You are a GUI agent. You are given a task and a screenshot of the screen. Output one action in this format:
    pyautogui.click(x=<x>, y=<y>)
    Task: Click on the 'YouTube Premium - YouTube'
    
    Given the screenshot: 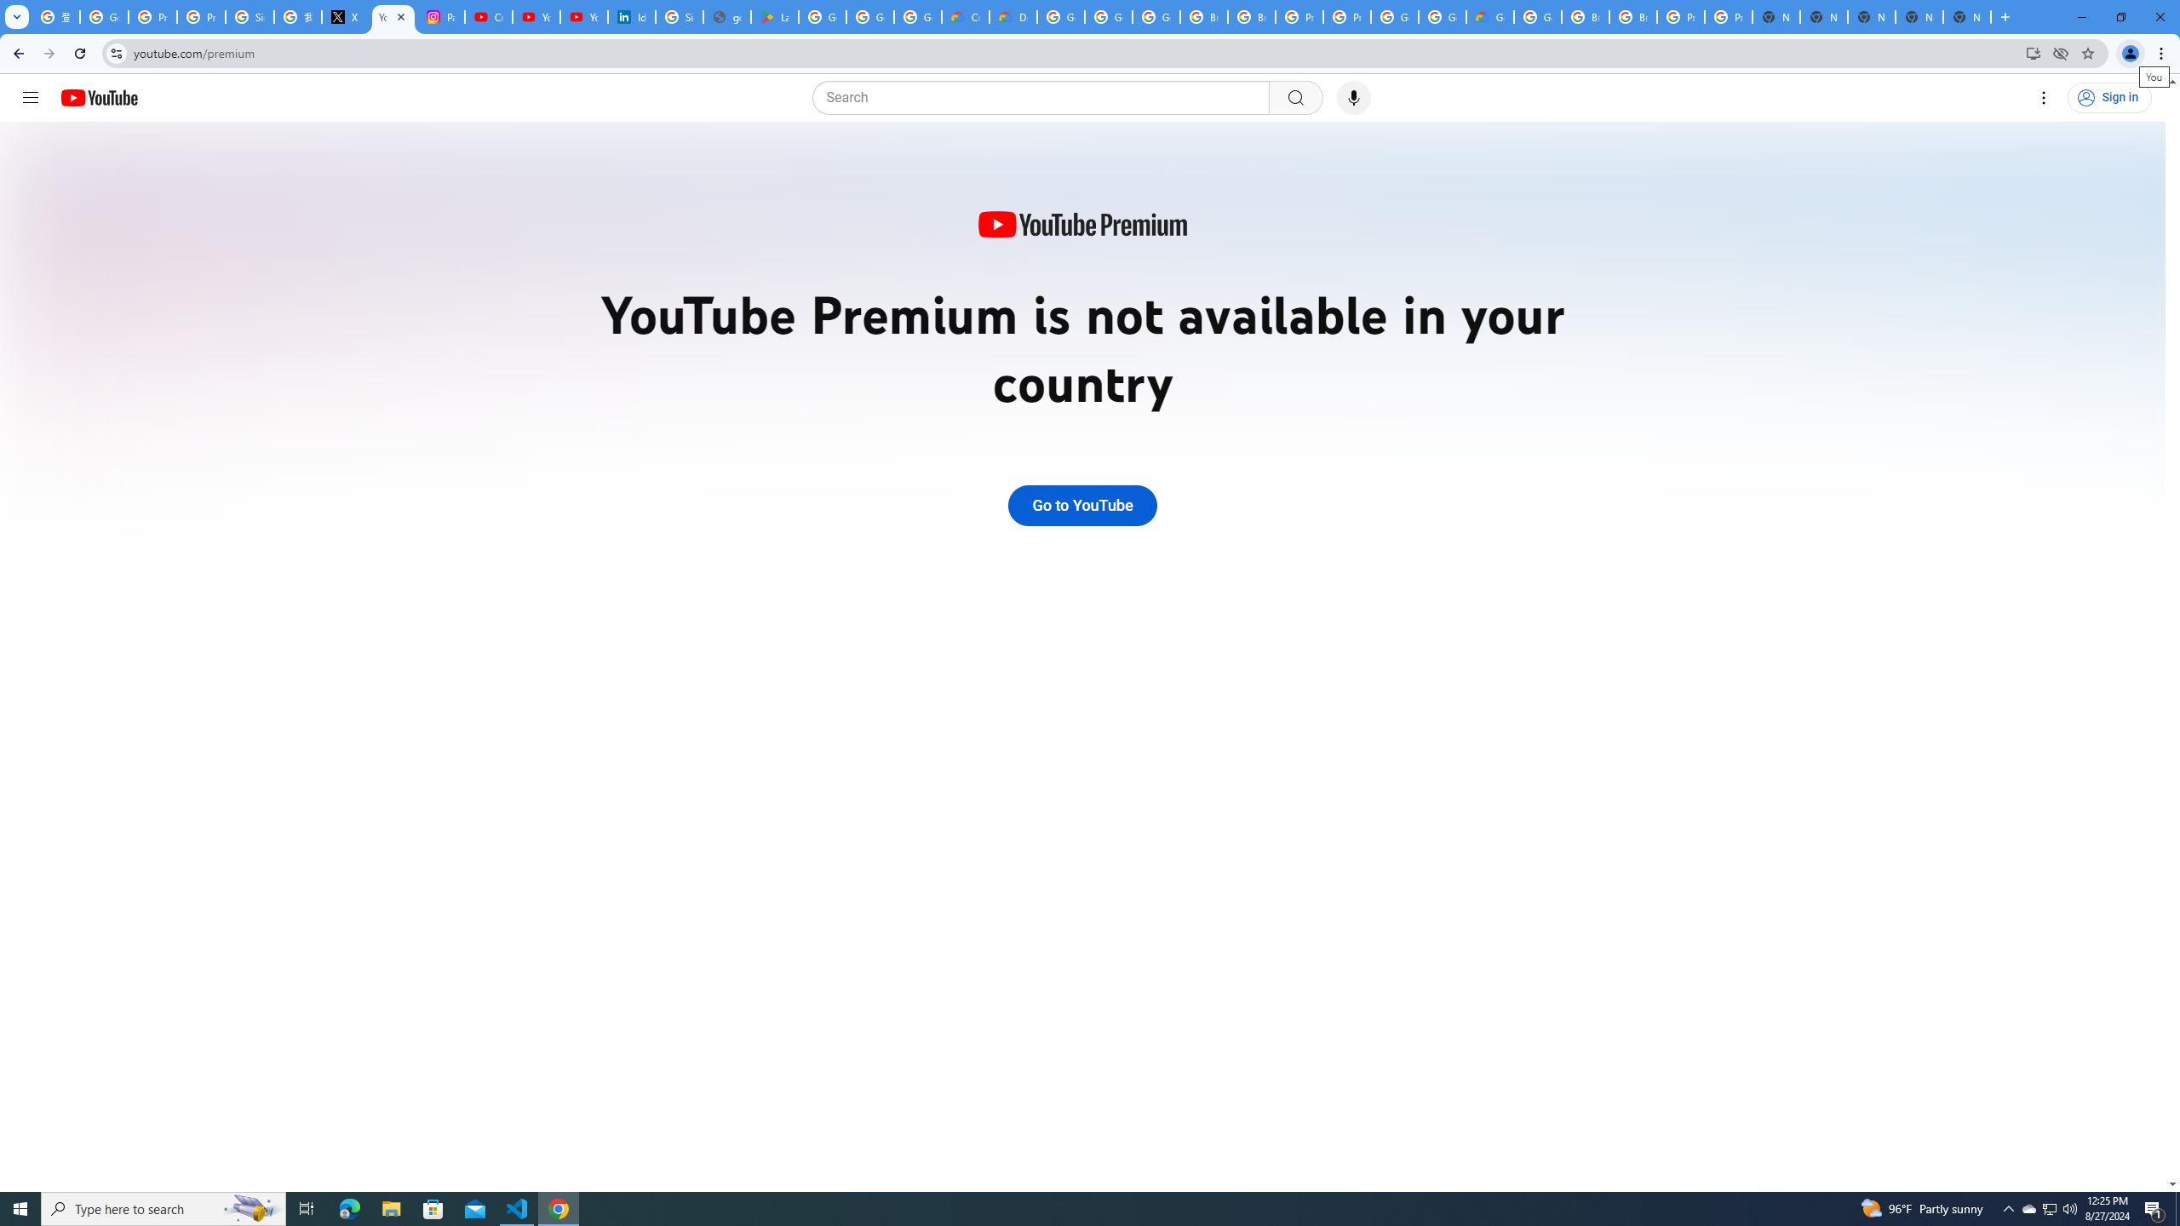 What is the action you would take?
    pyautogui.click(x=393, y=16)
    